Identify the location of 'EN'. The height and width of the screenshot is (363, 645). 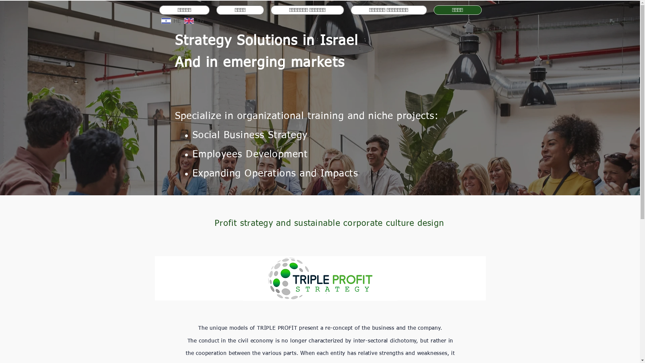
(193, 20).